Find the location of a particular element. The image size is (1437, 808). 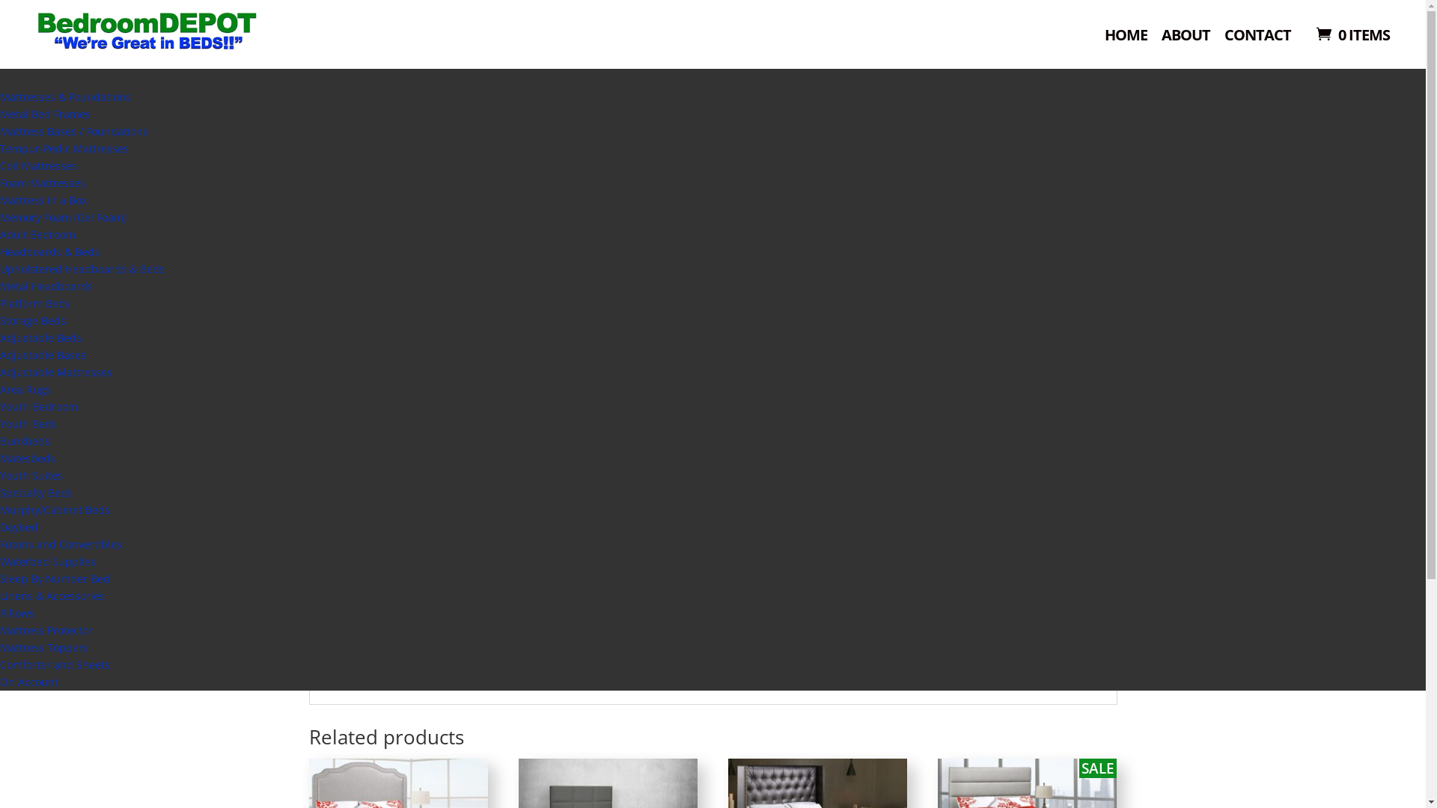

'Daybed' is located at coordinates (19, 526).